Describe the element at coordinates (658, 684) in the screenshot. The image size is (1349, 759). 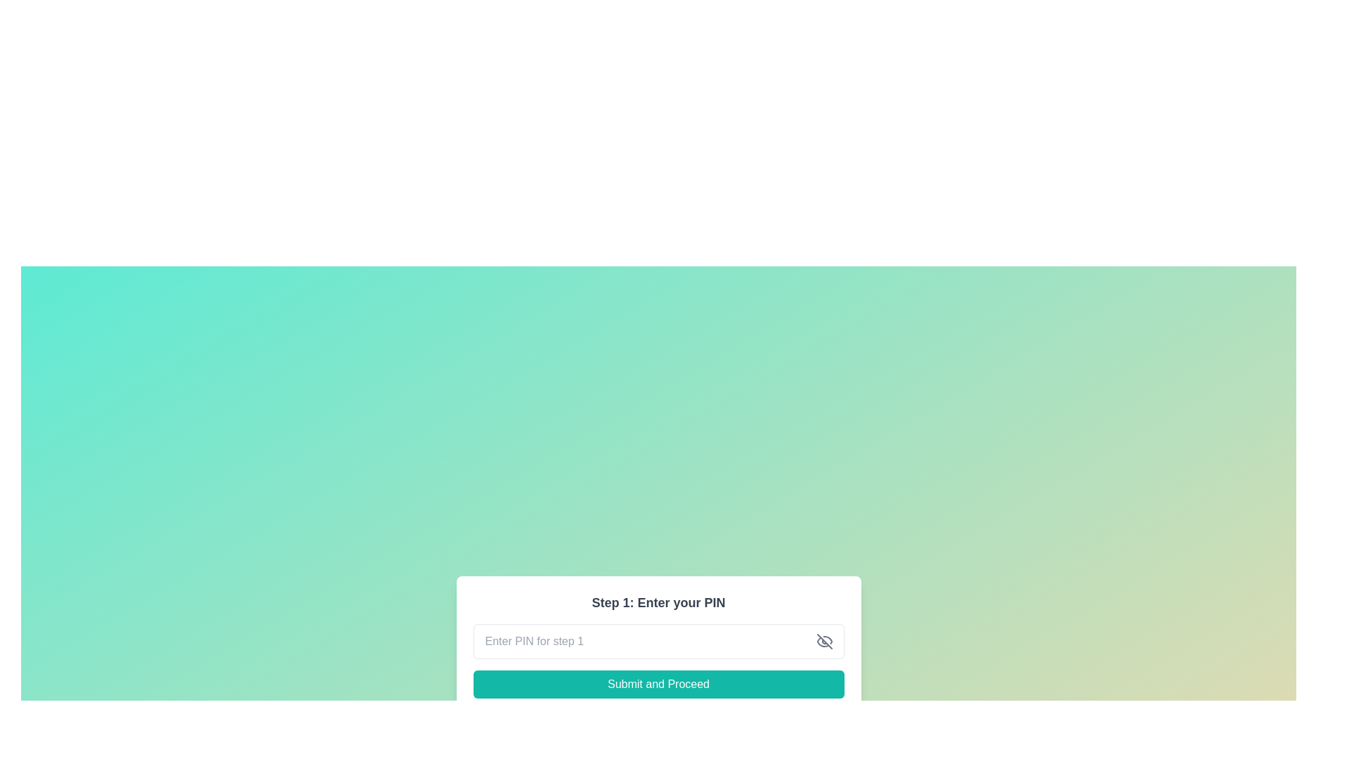
I see `the submission button located at the bottom of the white card-like structure to proceed to the next step` at that location.